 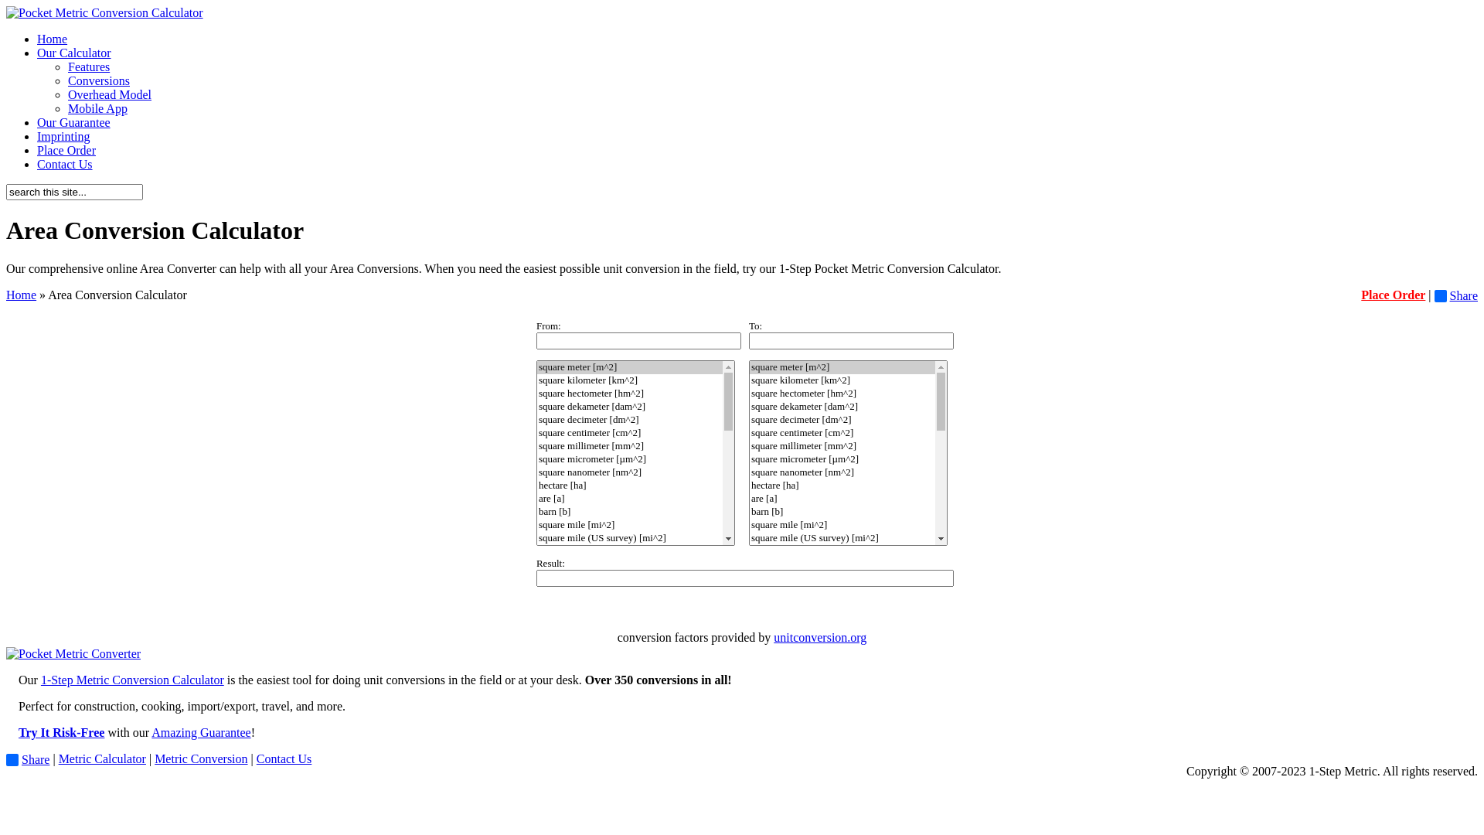 What do you see at coordinates (19, 731) in the screenshot?
I see `'Try It Risk-Free'` at bounding box center [19, 731].